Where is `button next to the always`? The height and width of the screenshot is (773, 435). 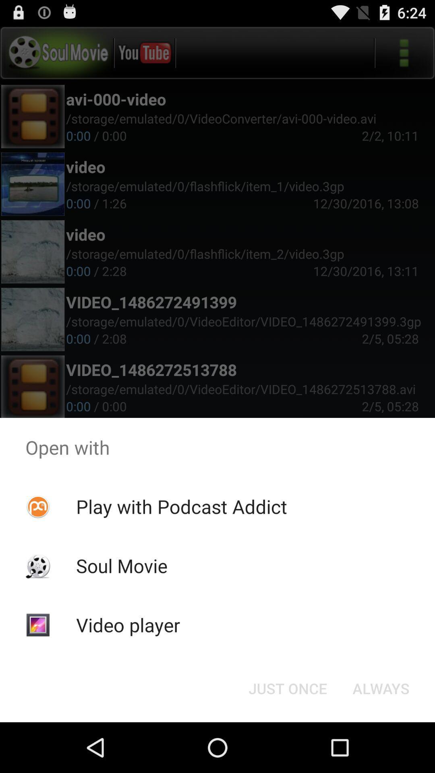
button next to the always is located at coordinates (287, 688).